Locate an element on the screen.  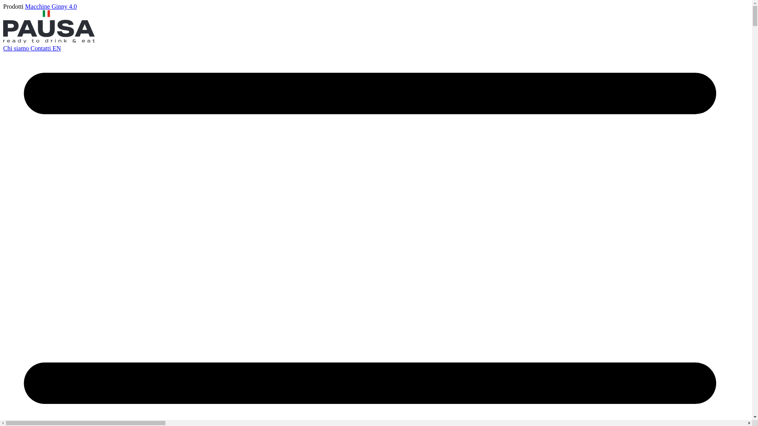
'Ginny 4.0' is located at coordinates (64, 6).